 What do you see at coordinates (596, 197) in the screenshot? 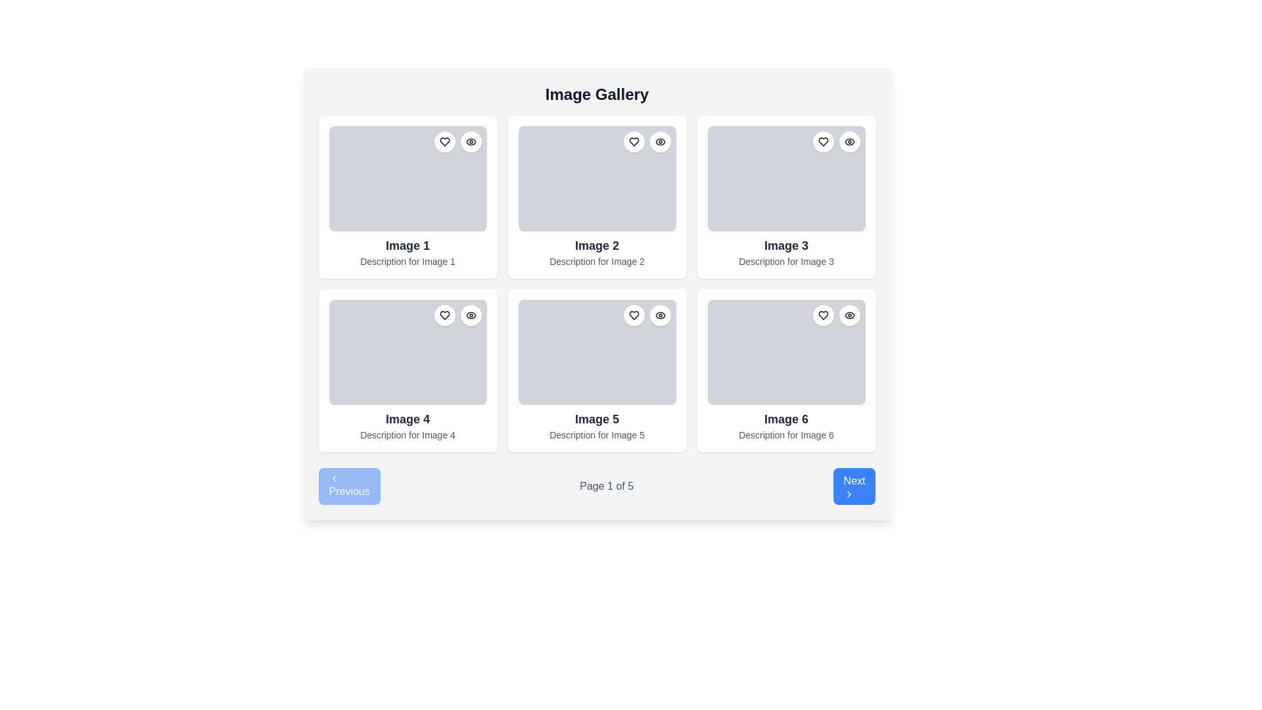
I see `the second card in the 'Image Gallery' section` at bounding box center [596, 197].